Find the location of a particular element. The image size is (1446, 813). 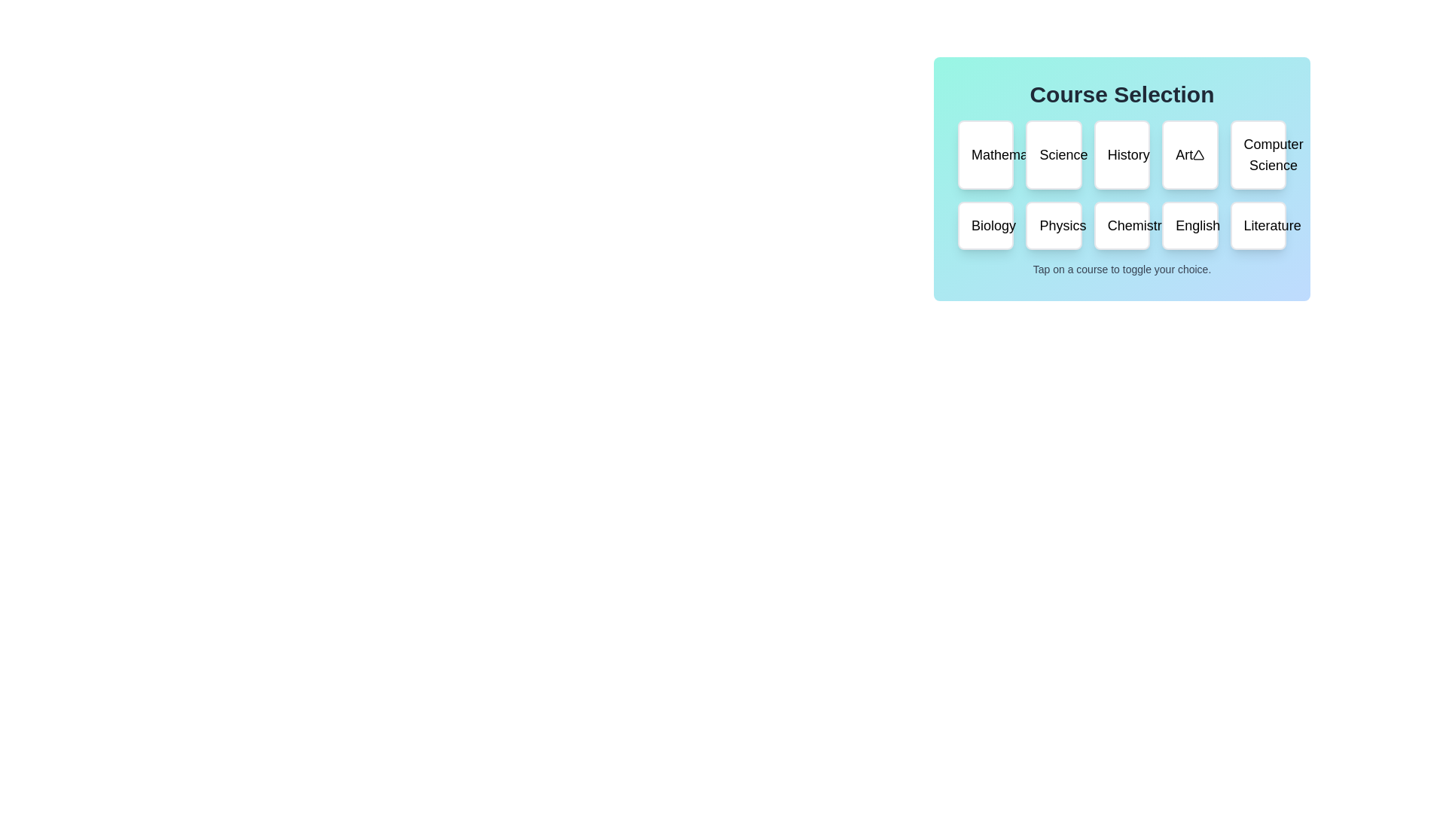

the course Science is located at coordinates (1052, 154).